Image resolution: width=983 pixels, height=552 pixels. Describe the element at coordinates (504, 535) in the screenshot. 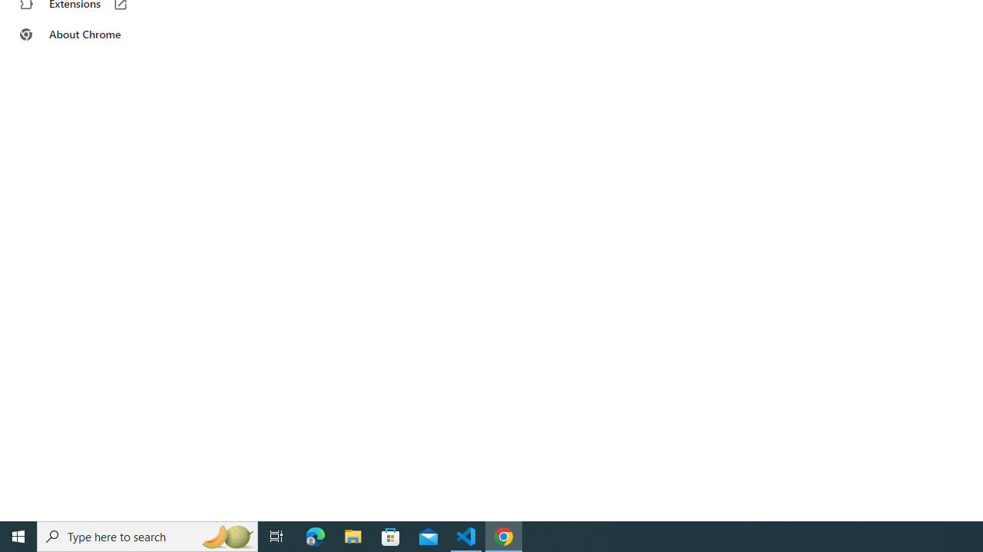

I see `'Google Chrome - 1 running window'` at that location.